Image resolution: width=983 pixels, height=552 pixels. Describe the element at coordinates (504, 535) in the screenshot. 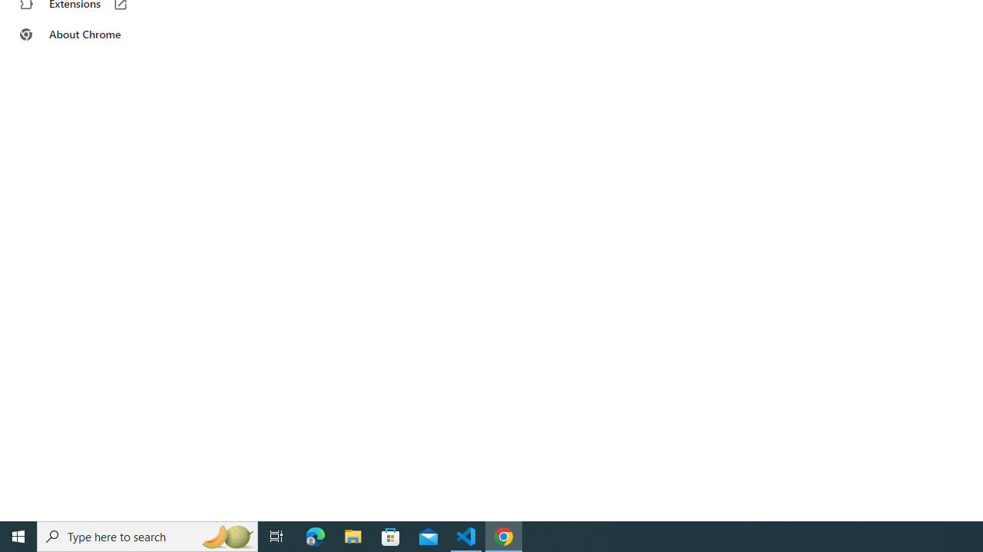

I see `'Google Chrome - 1 running window'` at that location.